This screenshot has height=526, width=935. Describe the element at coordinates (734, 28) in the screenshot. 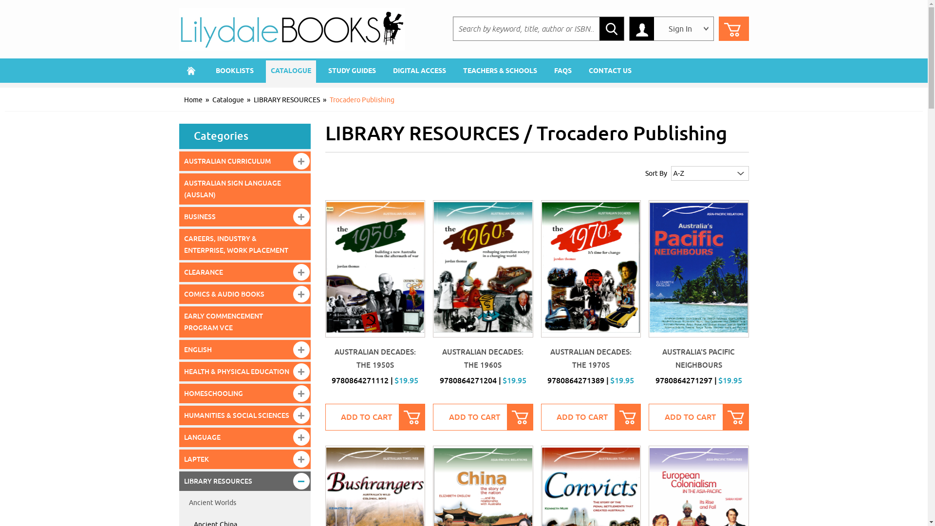

I see `'View Items'` at that location.